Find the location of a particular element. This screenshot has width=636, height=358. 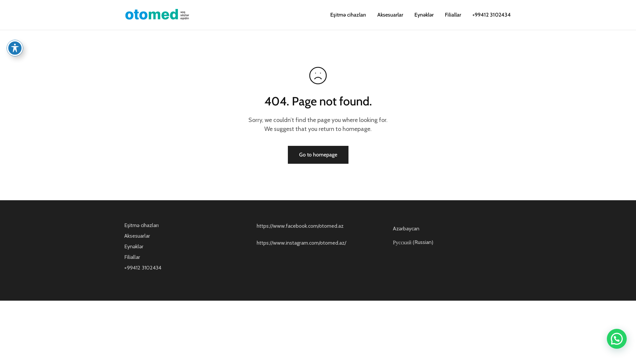

'https://www.facebook.com/otomed.az' is located at coordinates (300, 225).